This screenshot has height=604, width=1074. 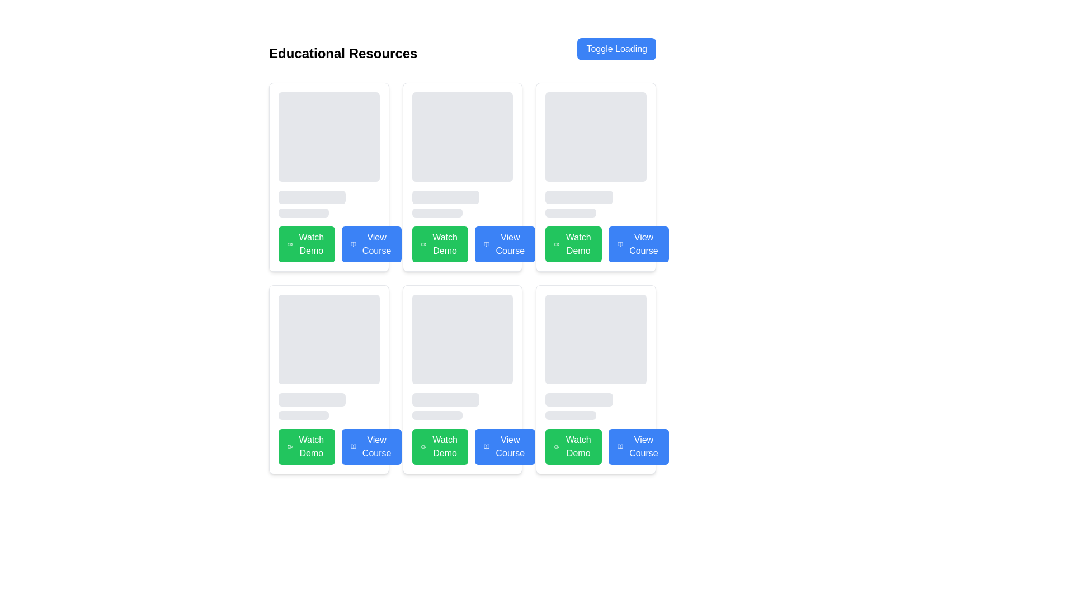 What do you see at coordinates (352, 446) in the screenshot?
I see `the 'View Course' button which has a small open book icon at the beginning, located in the bottom-left card of the grid layout` at bounding box center [352, 446].